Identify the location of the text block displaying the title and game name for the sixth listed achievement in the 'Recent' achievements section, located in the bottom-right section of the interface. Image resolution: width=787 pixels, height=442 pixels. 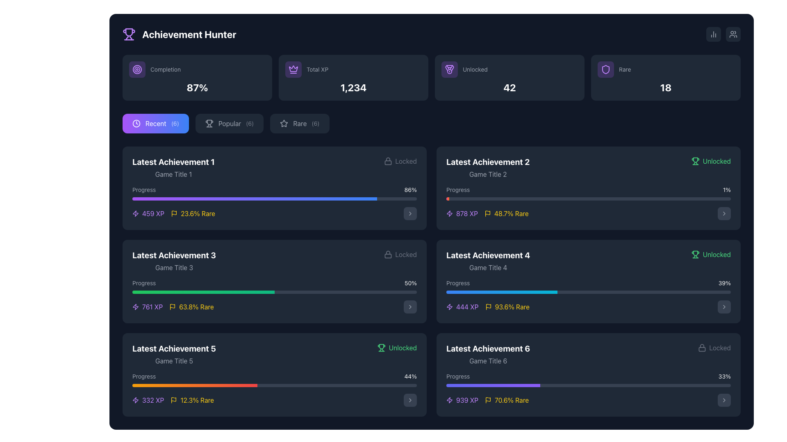
(488, 354).